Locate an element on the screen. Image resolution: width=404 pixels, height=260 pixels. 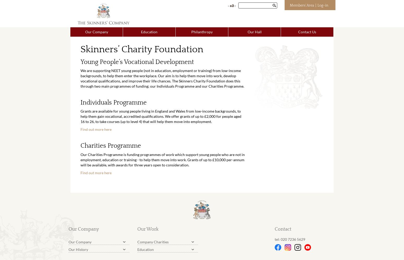
'Contact' is located at coordinates (283, 229).